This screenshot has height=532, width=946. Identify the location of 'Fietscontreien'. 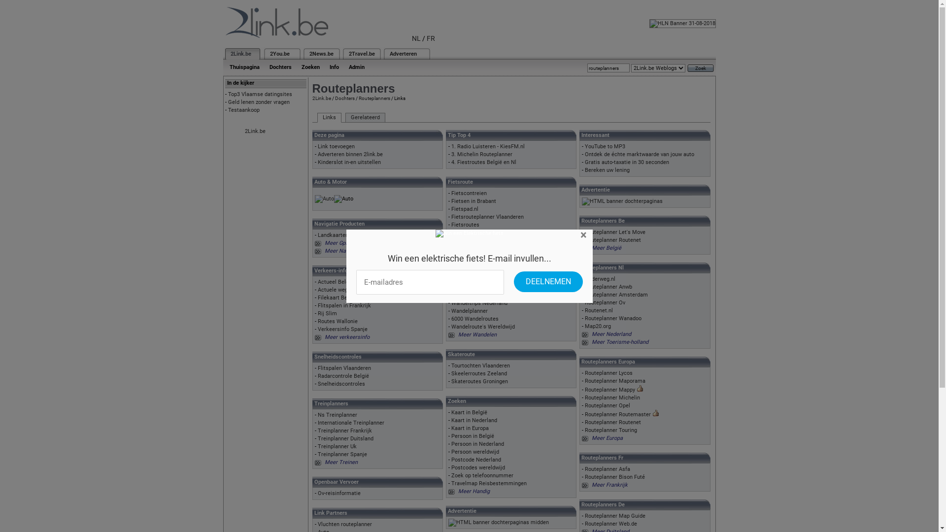
(468, 193).